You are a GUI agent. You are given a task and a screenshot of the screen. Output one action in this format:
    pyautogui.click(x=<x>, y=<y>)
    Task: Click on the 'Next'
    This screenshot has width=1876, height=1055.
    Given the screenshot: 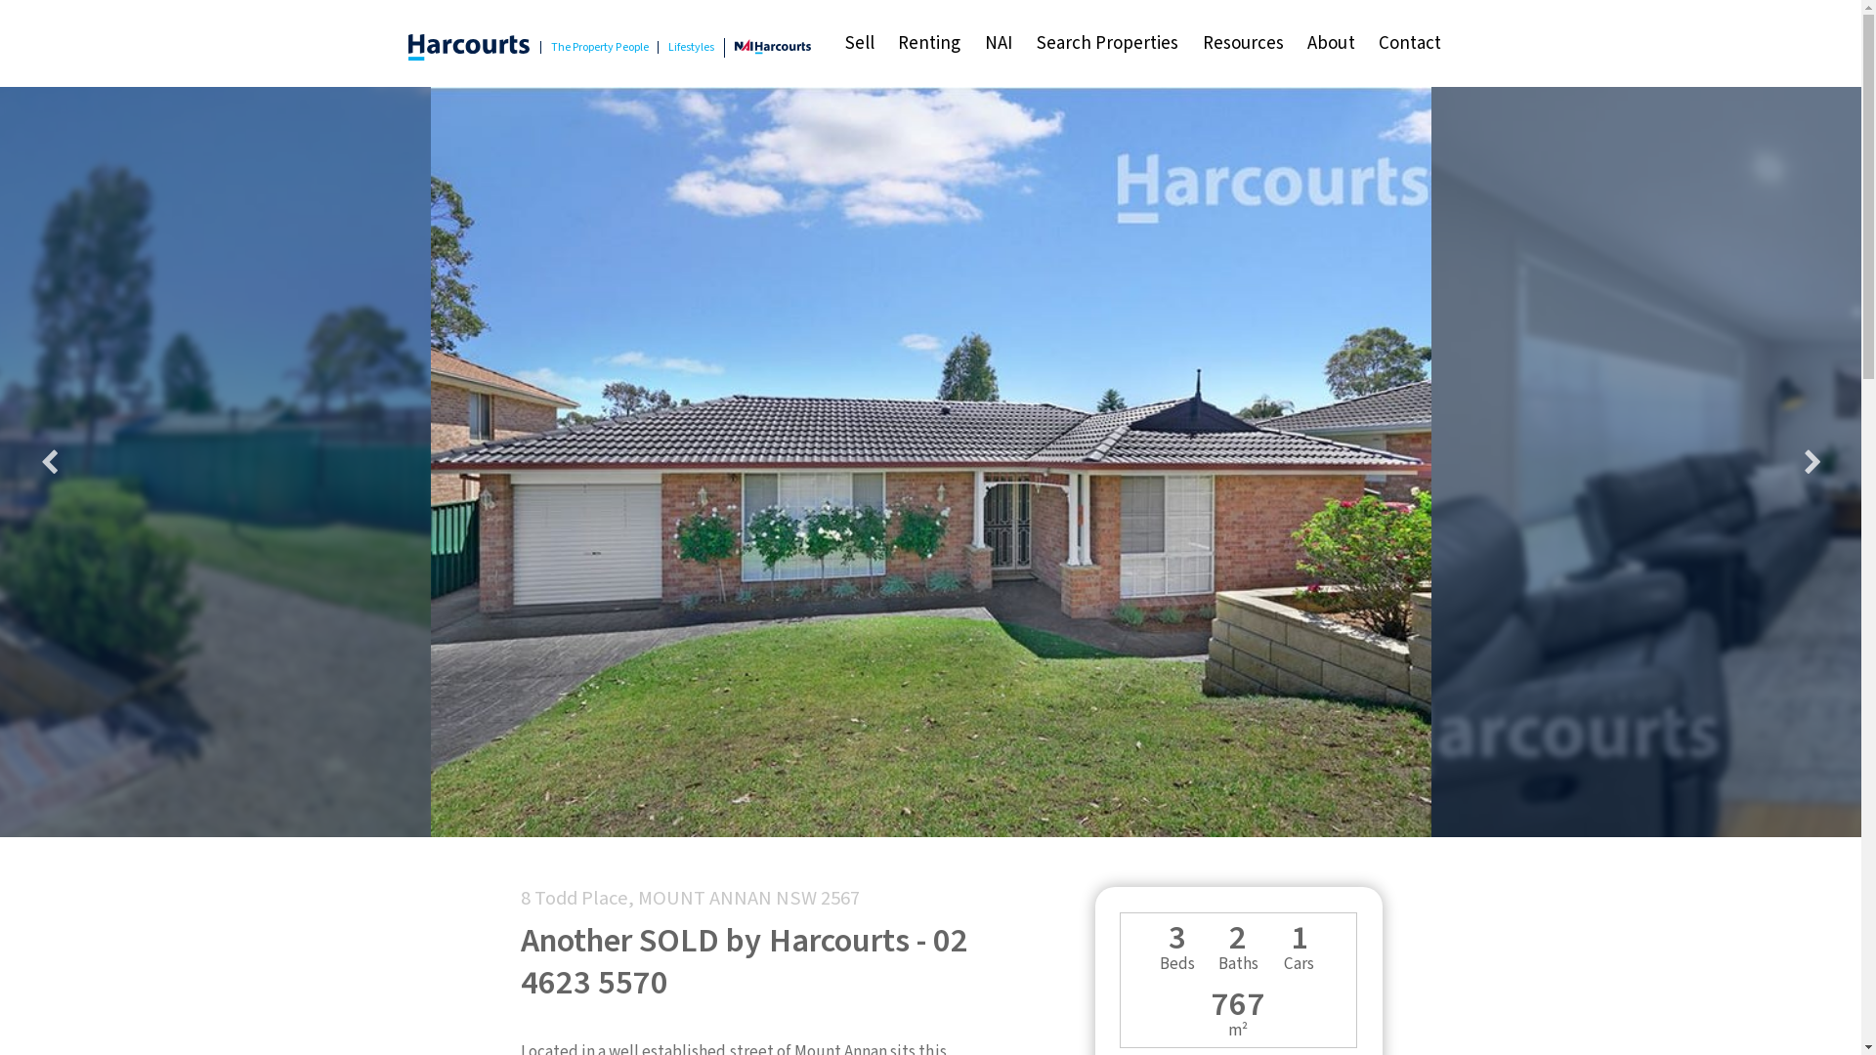 What is the action you would take?
    pyautogui.click(x=1811, y=462)
    